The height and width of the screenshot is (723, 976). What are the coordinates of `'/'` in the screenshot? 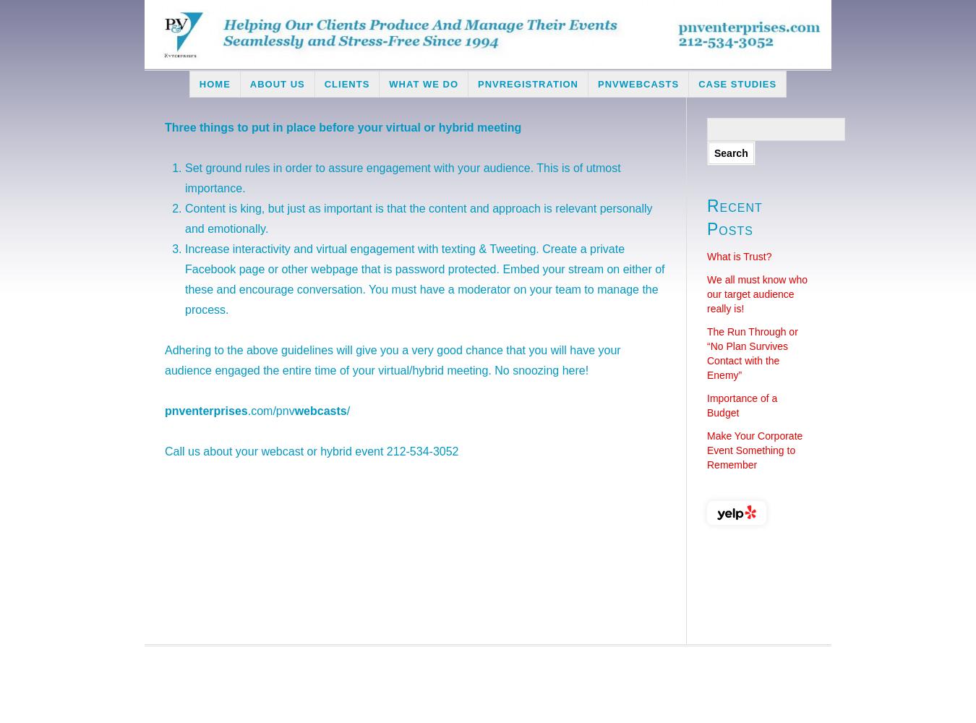 It's located at (345, 410).